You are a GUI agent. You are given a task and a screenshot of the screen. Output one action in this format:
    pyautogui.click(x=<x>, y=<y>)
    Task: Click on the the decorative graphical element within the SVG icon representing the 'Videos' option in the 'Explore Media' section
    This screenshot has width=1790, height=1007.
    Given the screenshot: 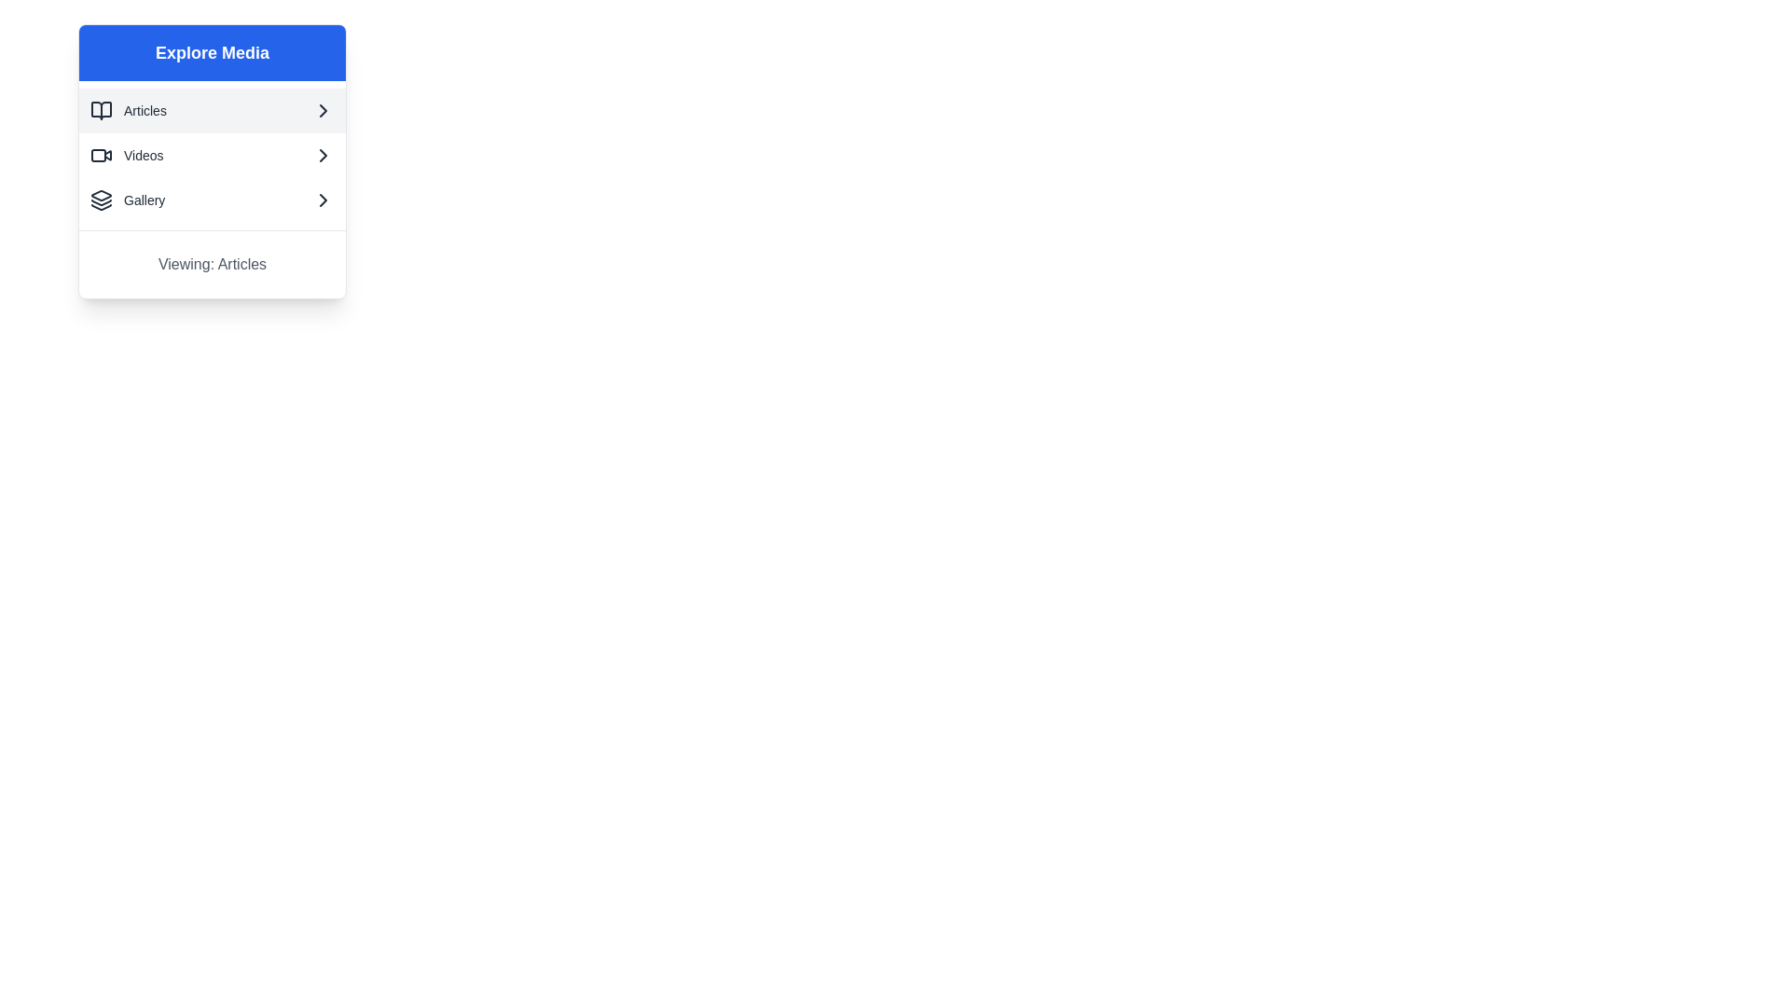 What is the action you would take?
    pyautogui.click(x=97, y=154)
    